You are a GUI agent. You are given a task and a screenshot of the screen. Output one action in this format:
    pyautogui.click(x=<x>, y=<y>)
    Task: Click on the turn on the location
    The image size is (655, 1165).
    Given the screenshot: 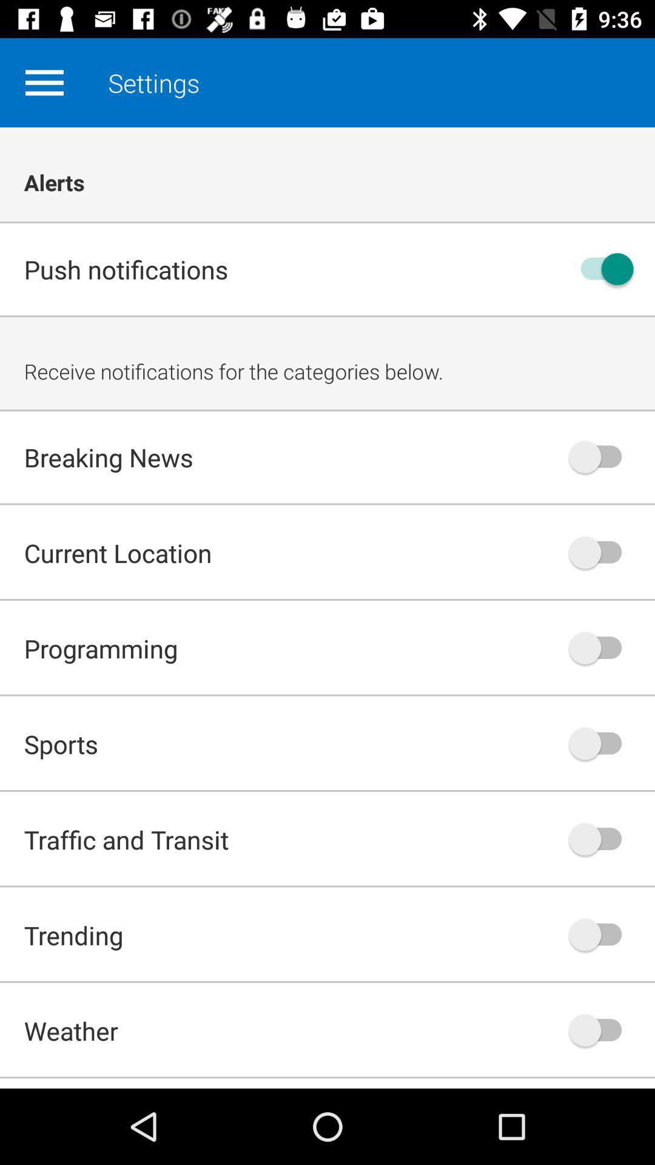 What is the action you would take?
    pyautogui.click(x=601, y=552)
    